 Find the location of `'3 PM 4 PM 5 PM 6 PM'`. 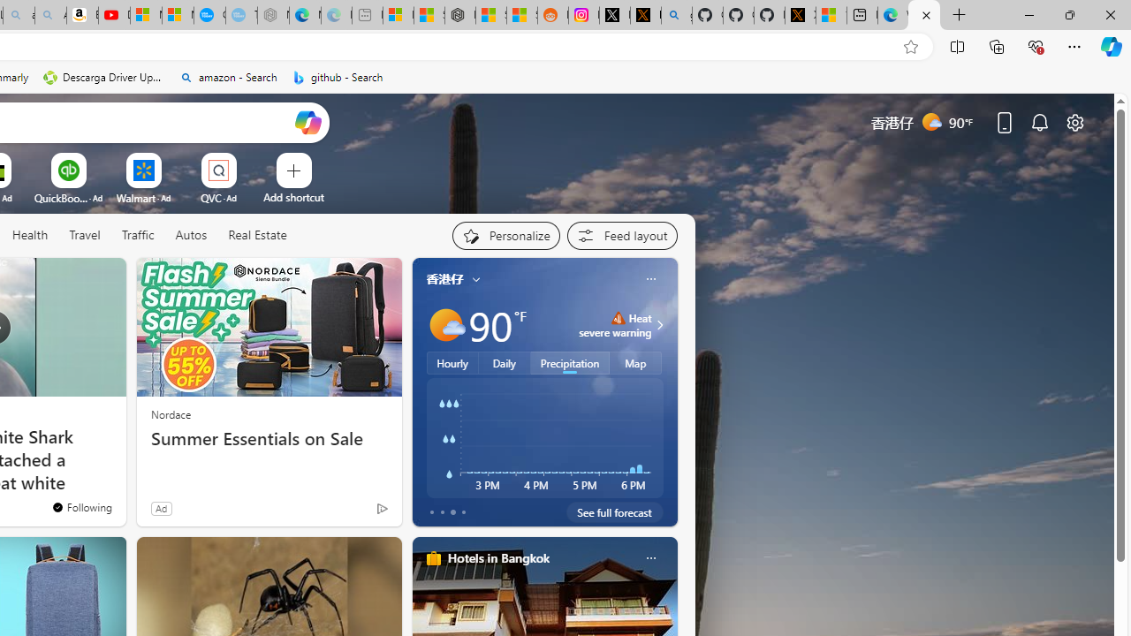

'3 PM 4 PM 5 PM 6 PM' is located at coordinates (543, 437).